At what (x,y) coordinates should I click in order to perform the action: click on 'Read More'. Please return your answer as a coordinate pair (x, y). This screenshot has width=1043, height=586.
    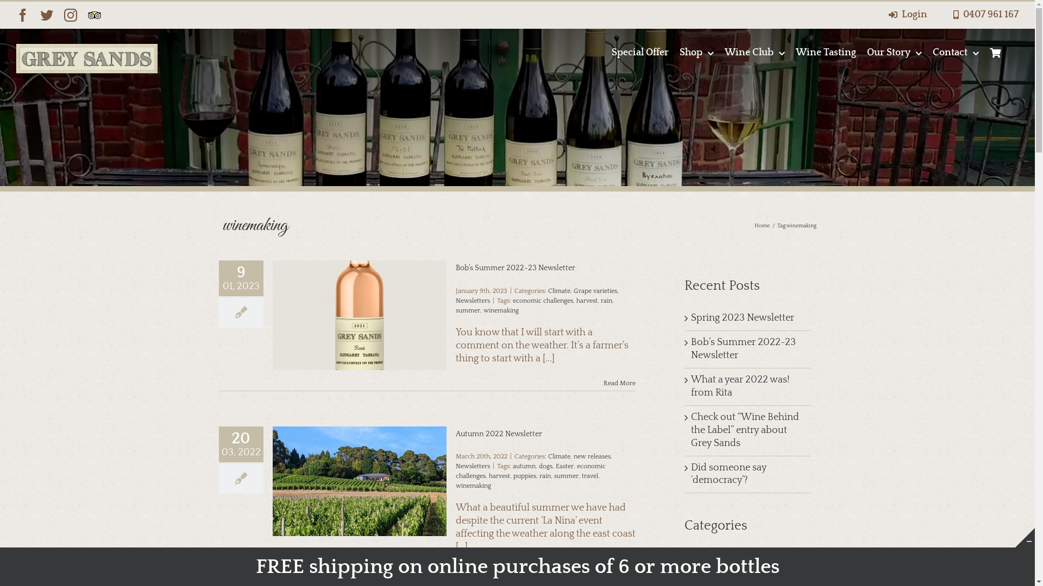
    Looking at the image, I should click on (602, 383).